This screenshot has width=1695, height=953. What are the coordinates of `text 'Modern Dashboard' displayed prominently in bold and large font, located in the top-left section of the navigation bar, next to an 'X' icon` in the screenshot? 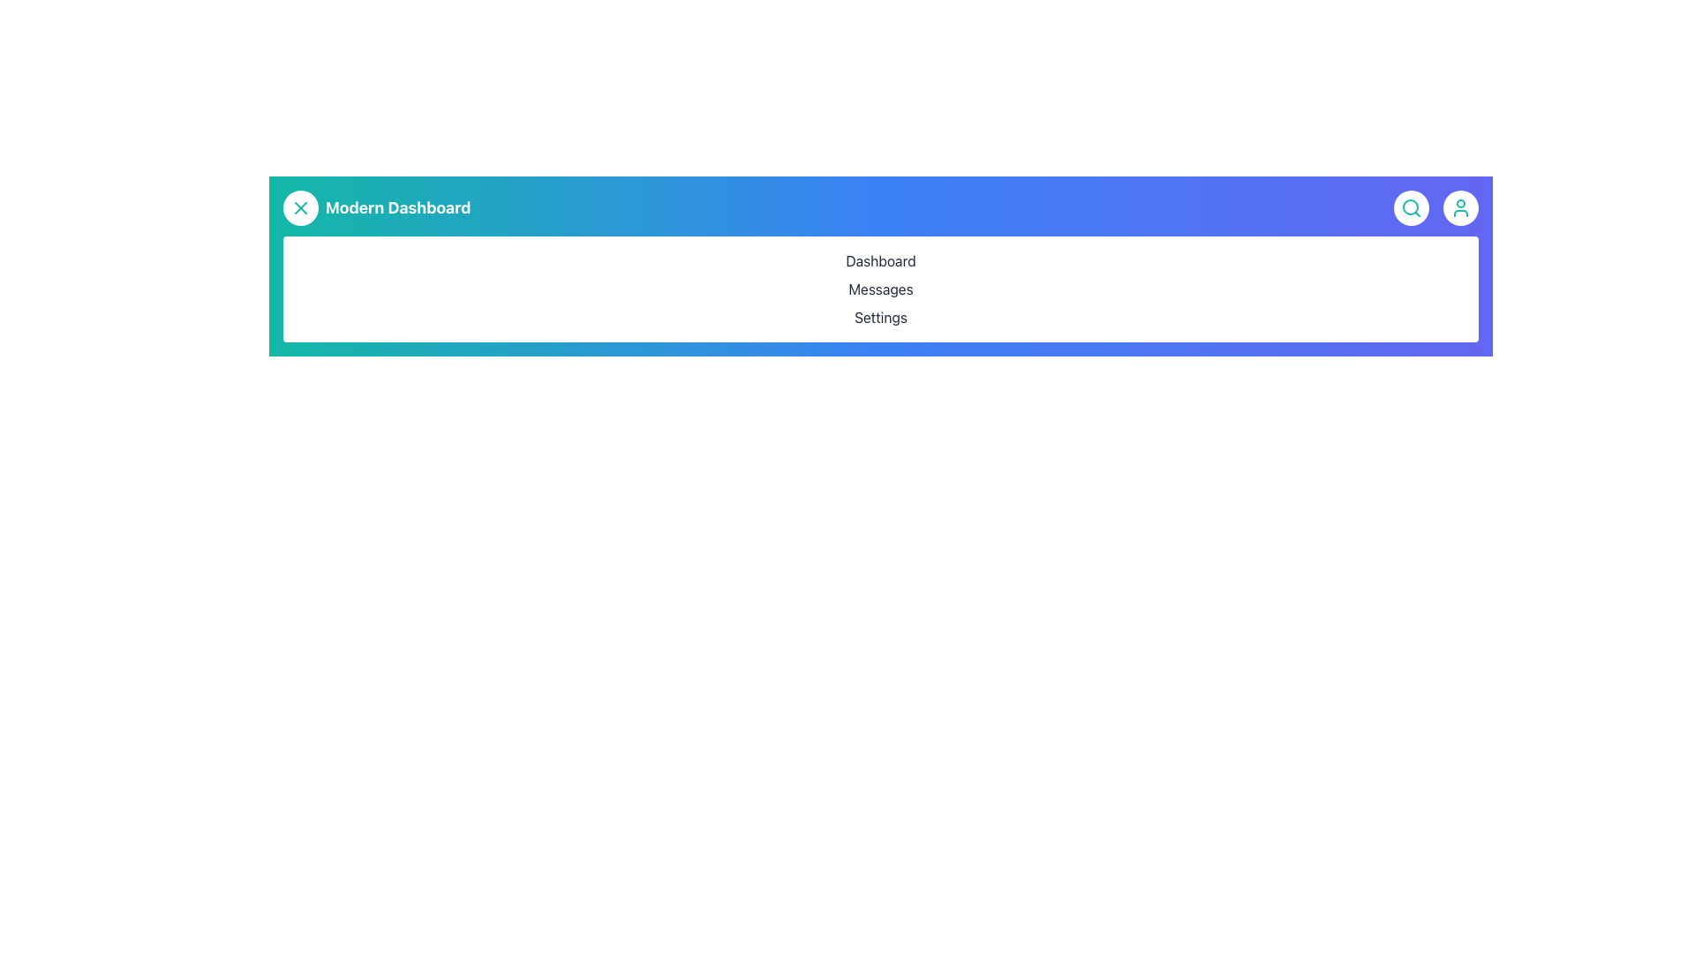 It's located at (376, 206).